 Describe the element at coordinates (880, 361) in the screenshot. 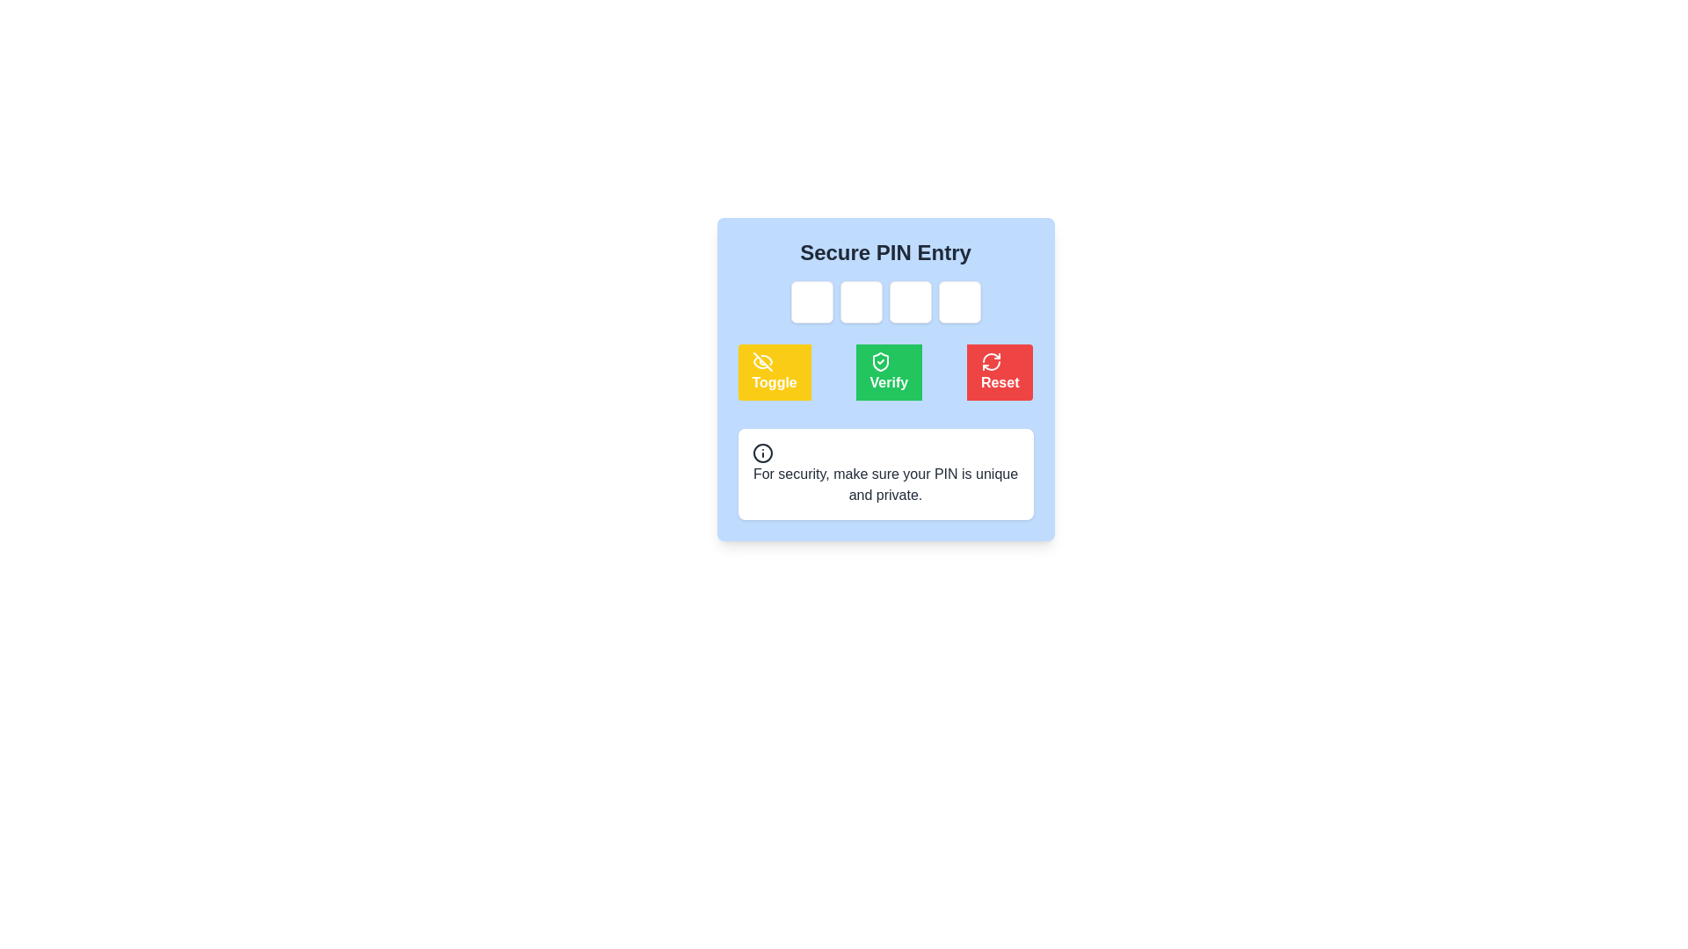

I see `the shield icon with a checkmark, which symbolizes the verification functionality of the 'Verify' button, located between the 'Toggle' and 'Reset' buttons` at that location.